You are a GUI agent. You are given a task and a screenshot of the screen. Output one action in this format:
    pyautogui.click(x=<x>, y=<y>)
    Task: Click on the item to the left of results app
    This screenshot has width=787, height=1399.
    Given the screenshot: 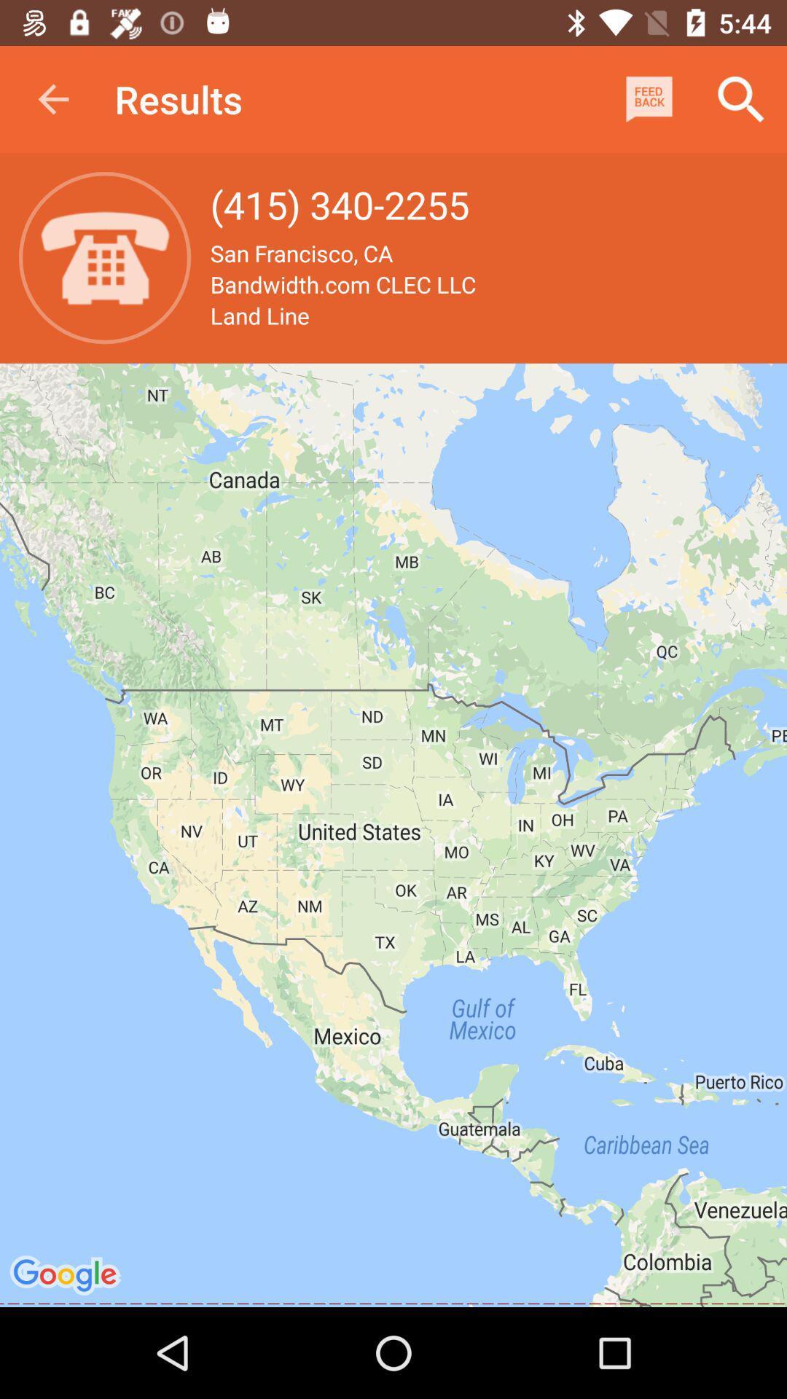 What is the action you would take?
    pyautogui.click(x=52, y=98)
    